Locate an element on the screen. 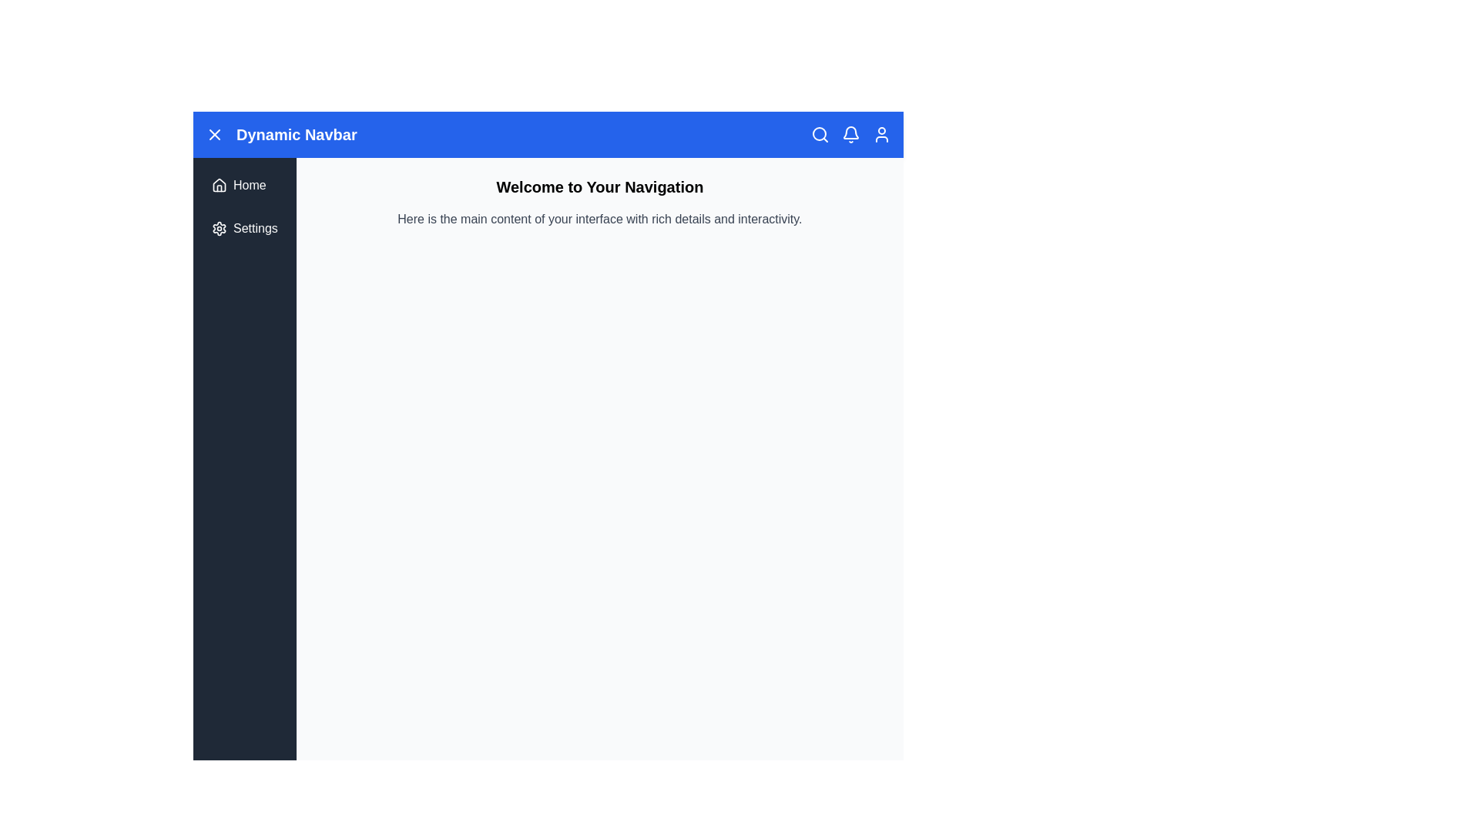 The width and height of the screenshot is (1479, 832). the house icon on the left sidebar is located at coordinates (218, 184).